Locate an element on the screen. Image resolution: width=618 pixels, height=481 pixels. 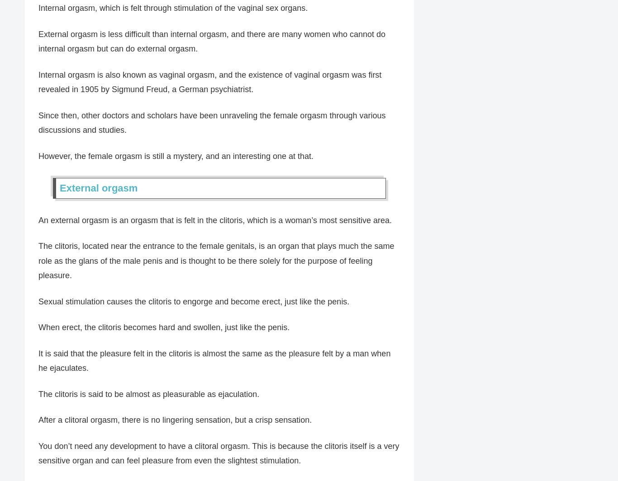
'External orgasm' is located at coordinates (98, 187).